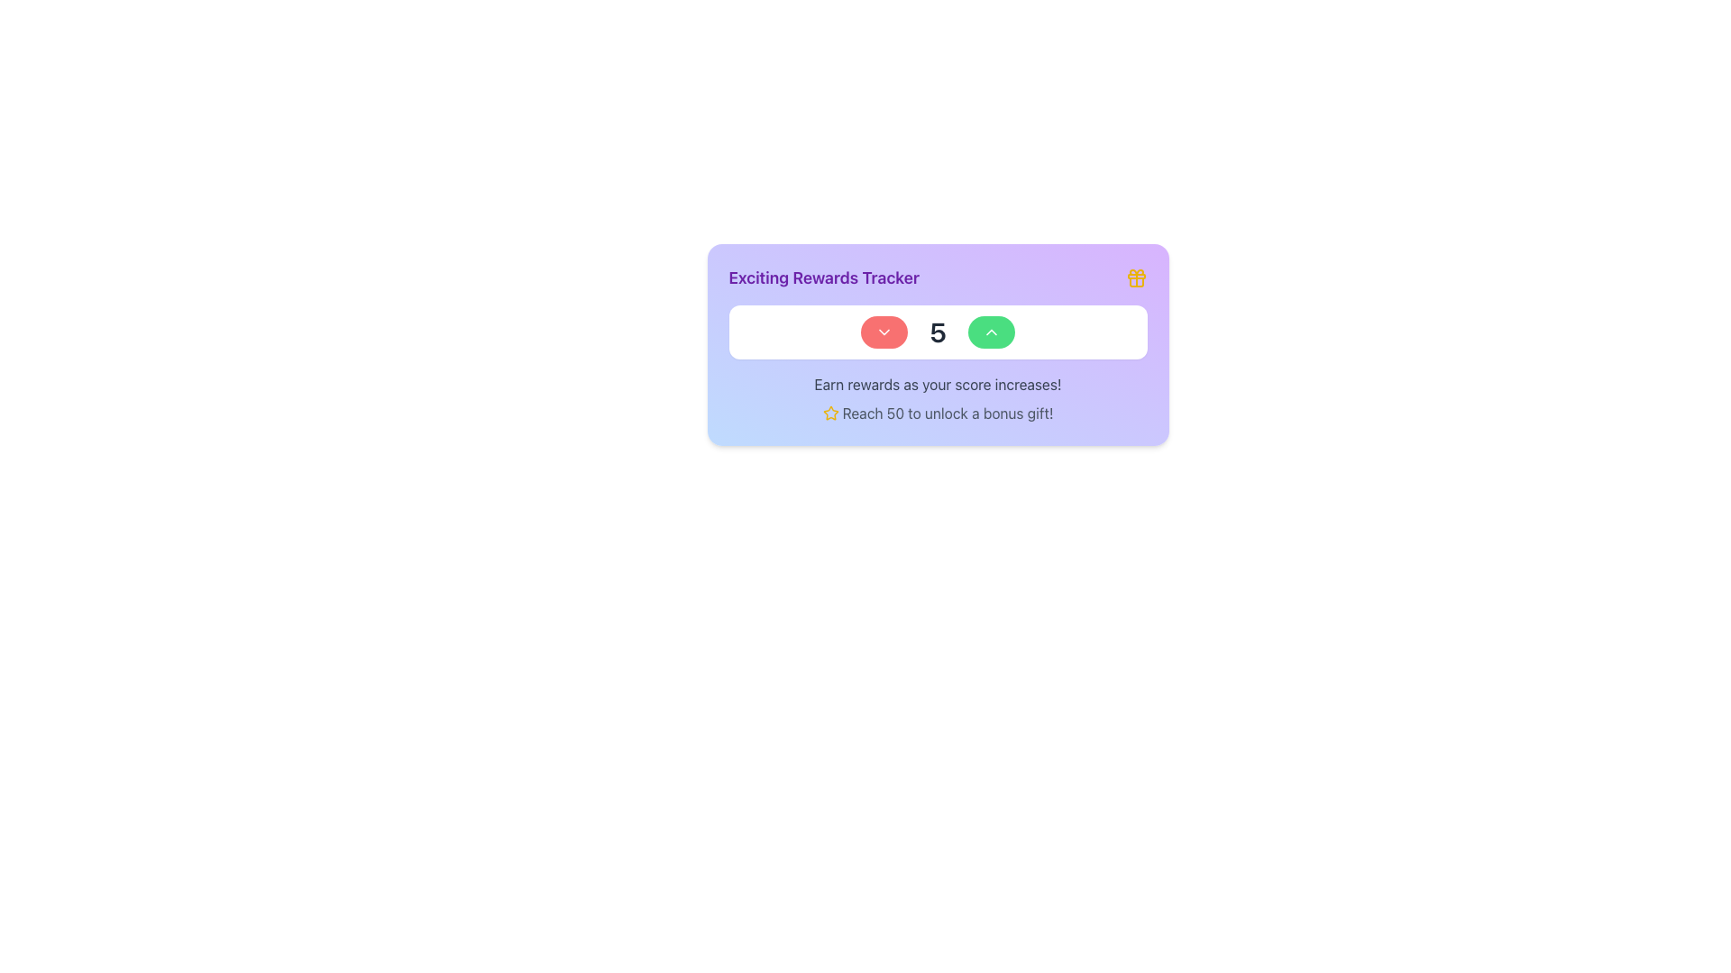  Describe the element at coordinates (938, 398) in the screenshot. I see `the text section that provides guidance and motivation for the user, located in the bottom section of a card element, centrally positioned below a numerical score and button controls` at that location.